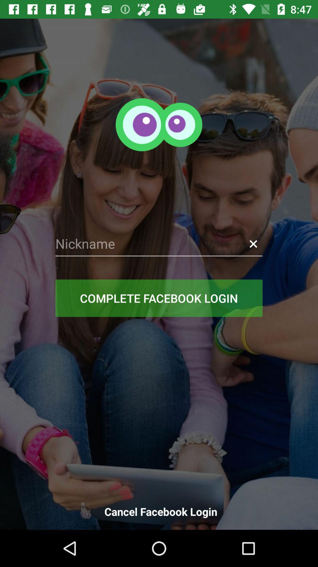  What do you see at coordinates (253, 244) in the screenshot?
I see `delete name` at bounding box center [253, 244].